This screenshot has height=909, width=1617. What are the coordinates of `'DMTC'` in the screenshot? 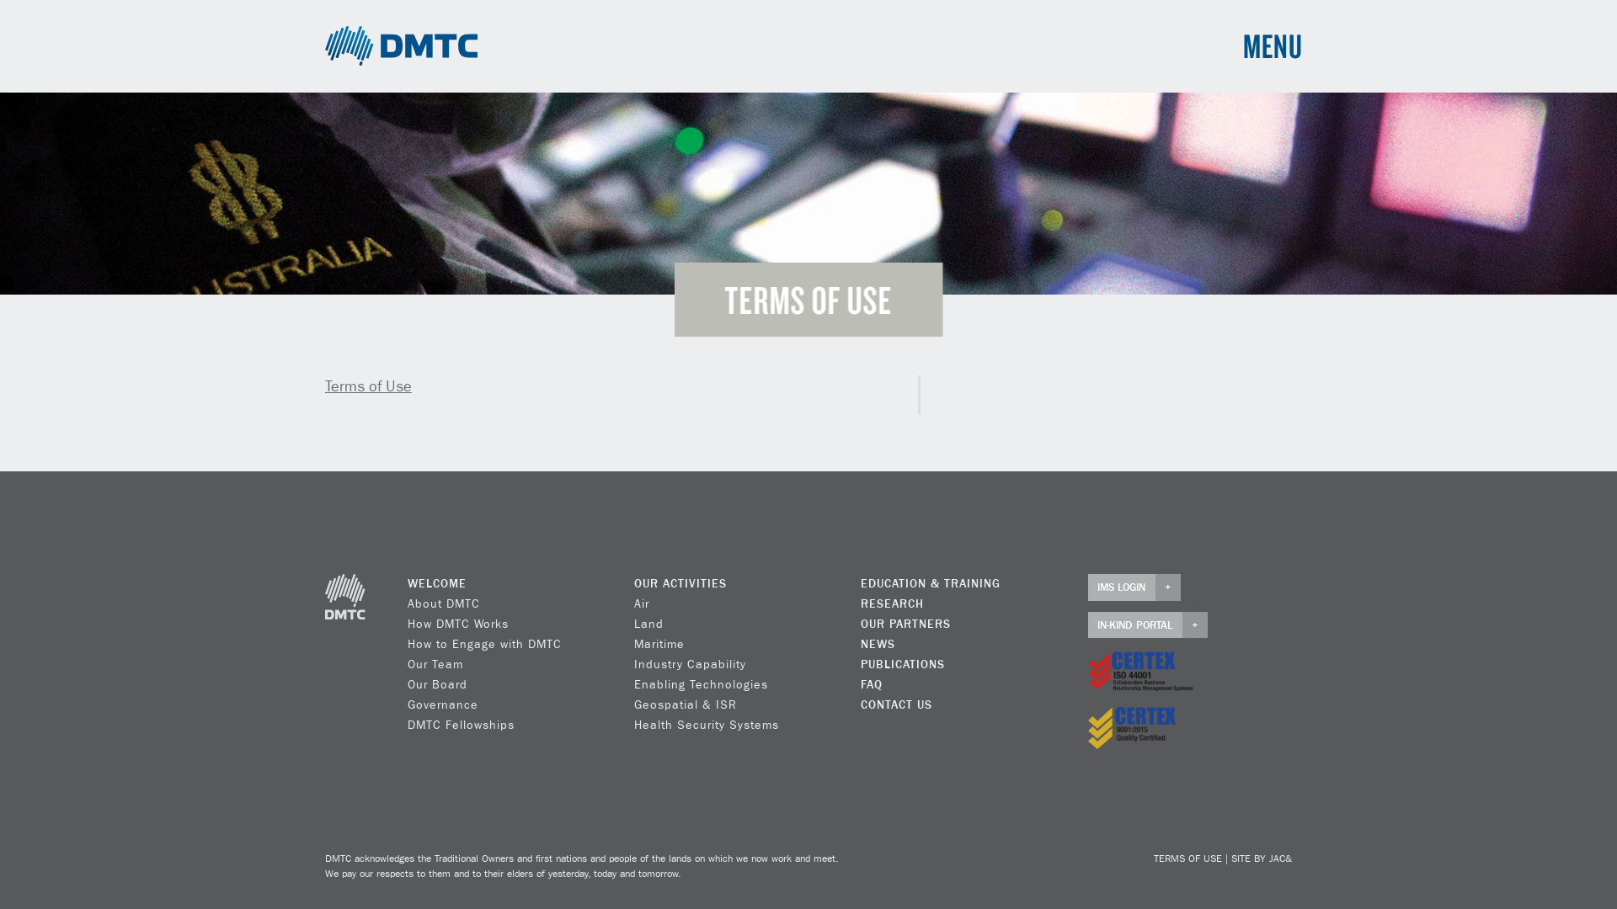 It's located at (400, 45).